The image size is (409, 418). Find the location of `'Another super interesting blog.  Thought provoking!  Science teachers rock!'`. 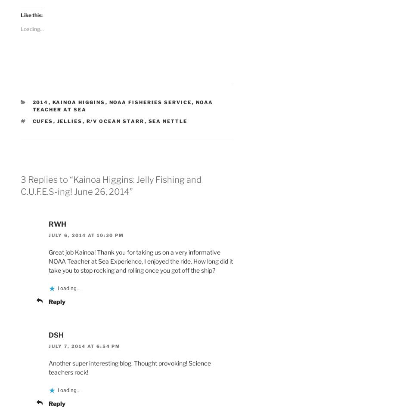

'Another super interesting blog.  Thought provoking!  Science teachers rock!' is located at coordinates (129, 367).